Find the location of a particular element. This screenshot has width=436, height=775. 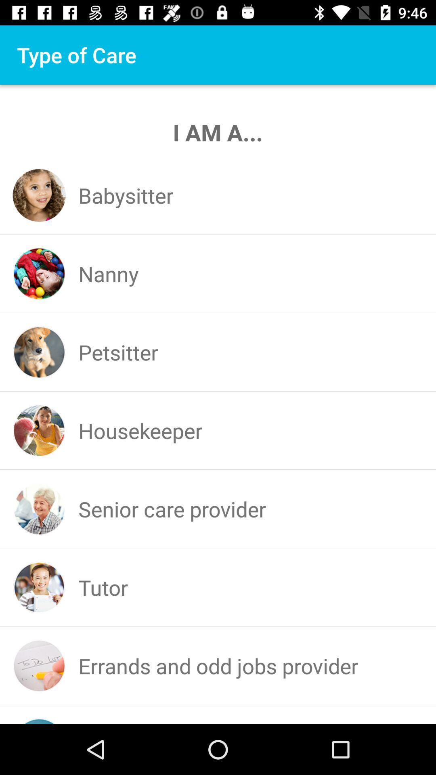

the nanny item is located at coordinates (108, 274).